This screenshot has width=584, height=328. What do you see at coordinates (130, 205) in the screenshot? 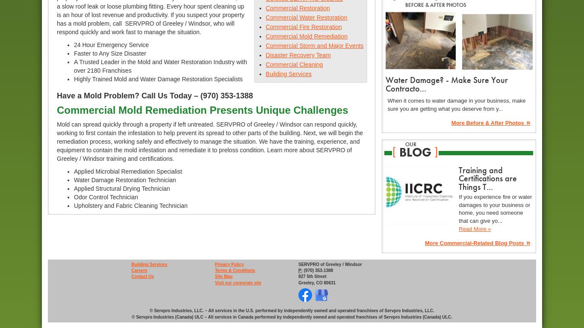
I see `'Upholstery and Fabric Cleaning Technician'` at bounding box center [130, 205].